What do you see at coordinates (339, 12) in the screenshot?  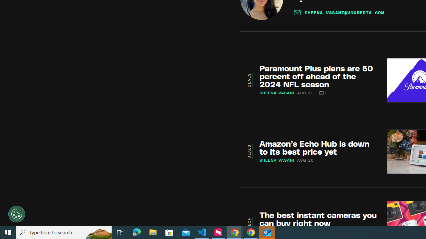 I see `'SHEENA.VASANI@VOXMEDIA.COM'` at bounding box center [339, 12].